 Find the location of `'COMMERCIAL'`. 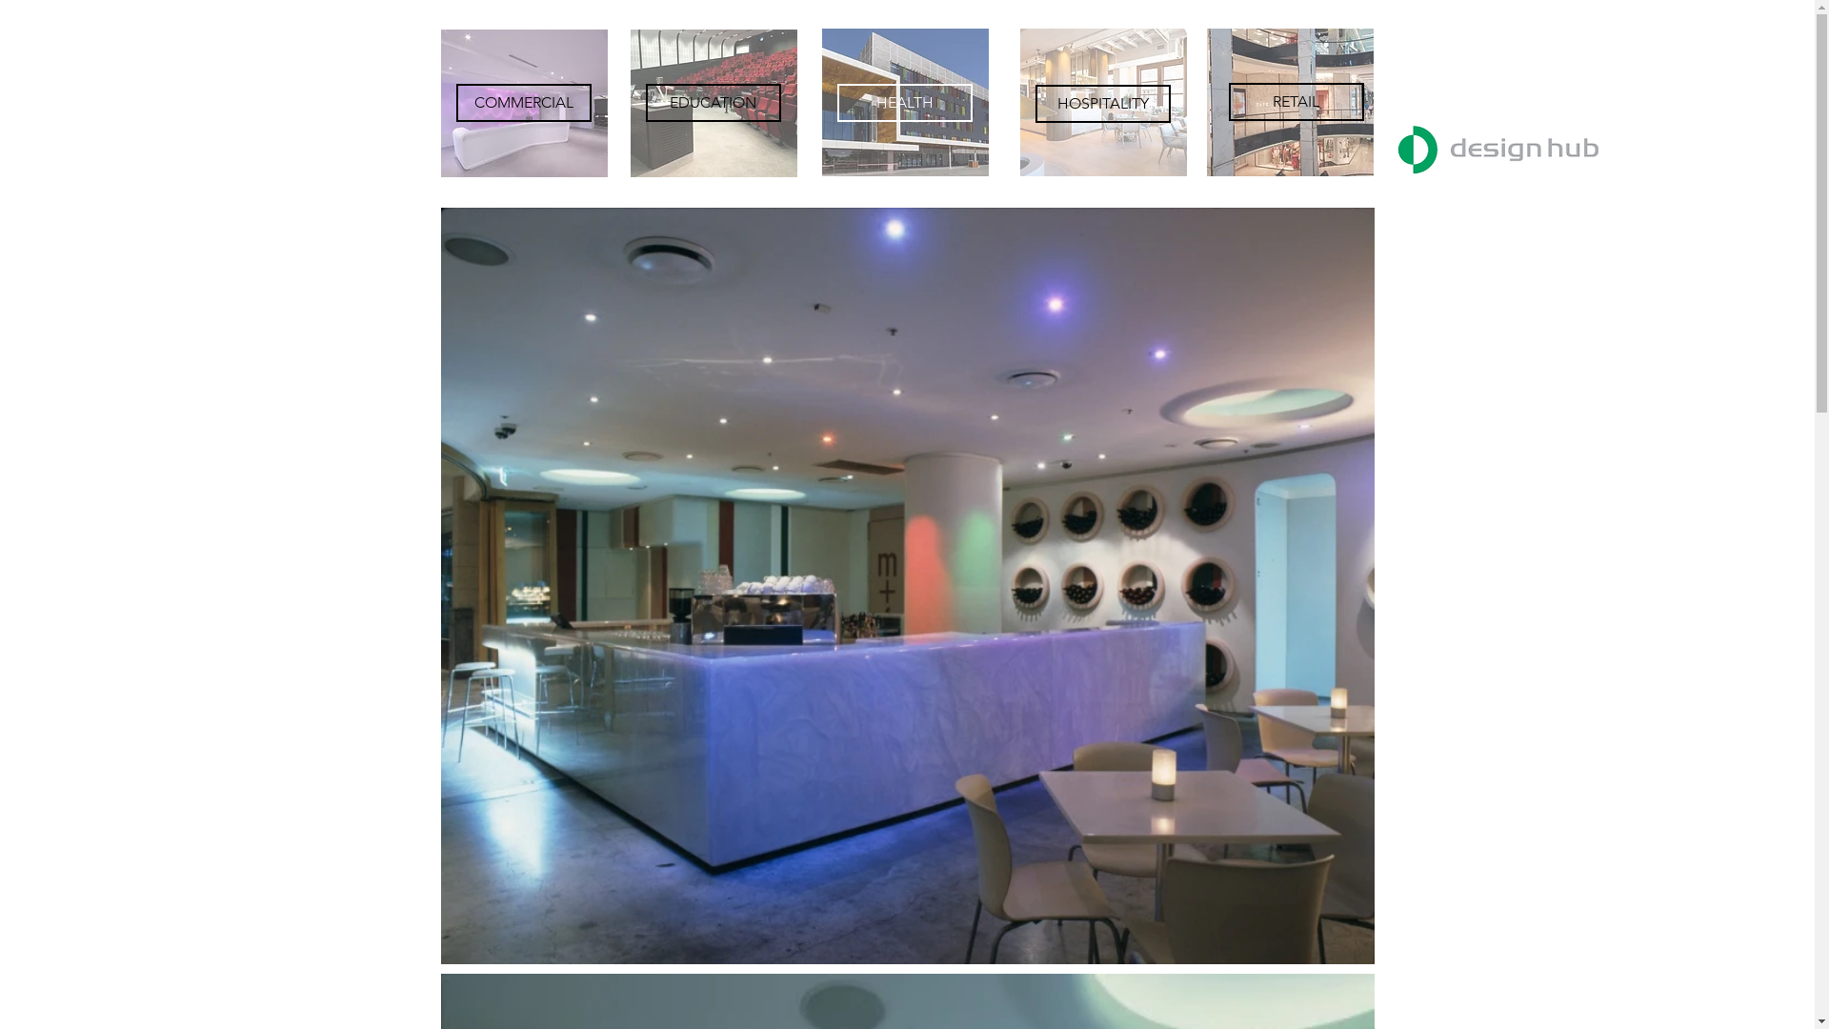

'COMMERCIAL' is located at coordinates (522, 103).